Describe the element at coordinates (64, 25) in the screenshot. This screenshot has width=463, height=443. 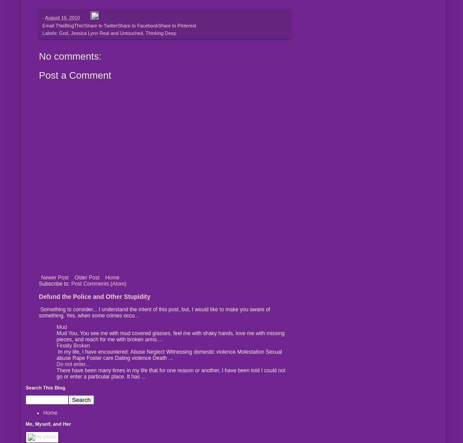
I see `'BlogThis!'` at that location.